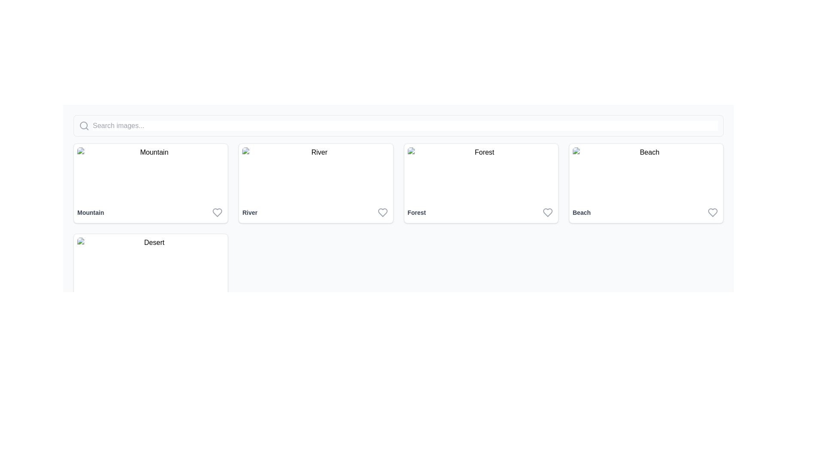 The image size is (825, 464). Describe the element at coordinates (249, 212) in the screenshot. I see `the text label displaying 'River' in bold gray font located at the bottom-left corner of its card area` at that location.